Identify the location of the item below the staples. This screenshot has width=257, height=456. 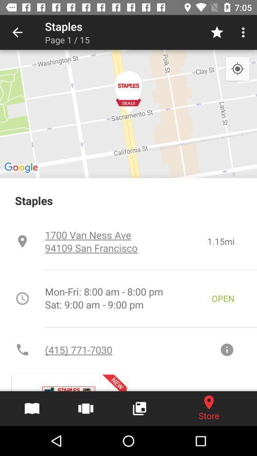
(126, 241).